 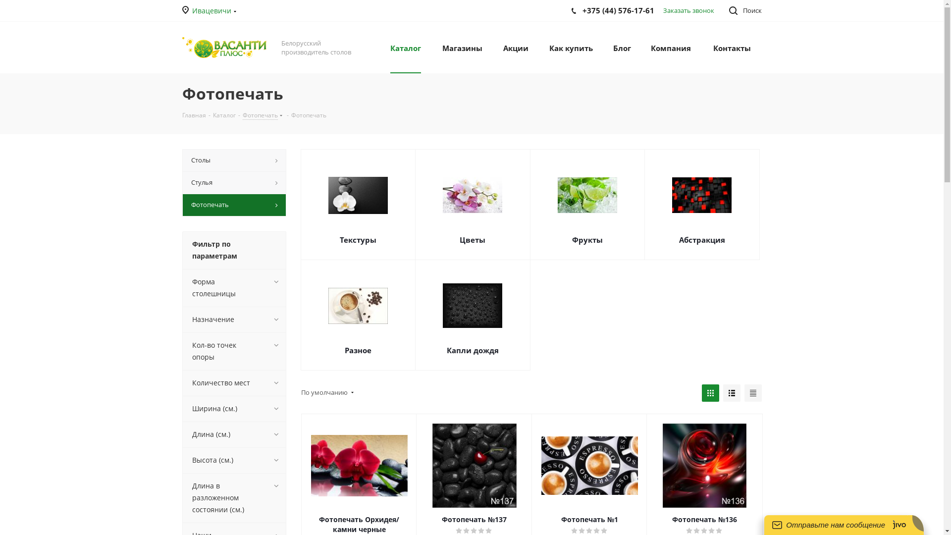 I want to click on '1', so click(x=459, y=531).